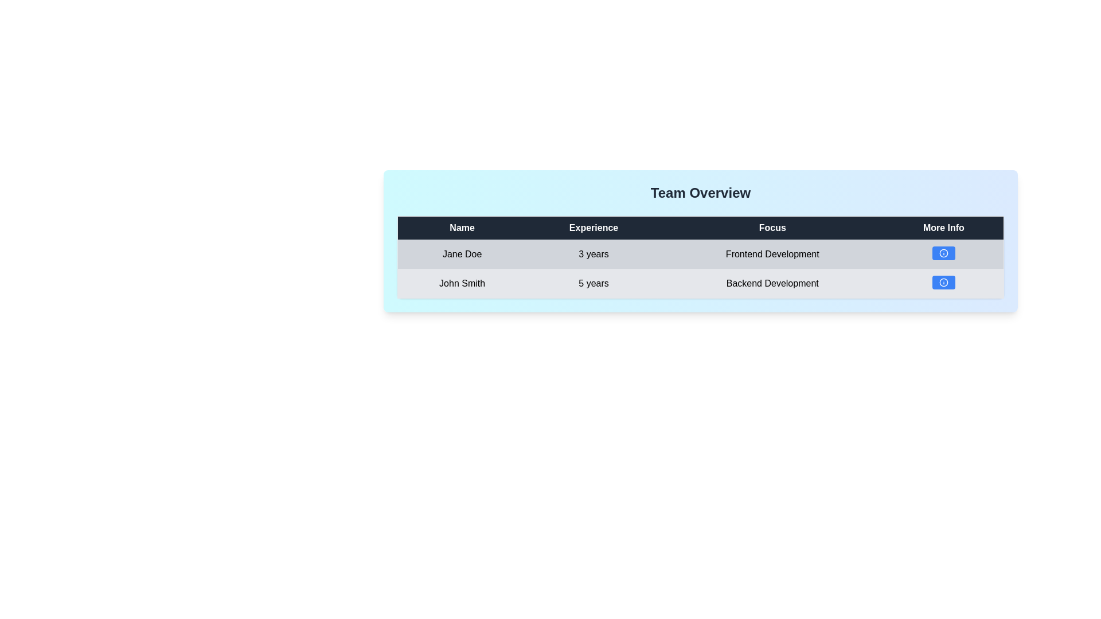 The image size is (1101, 619). What do you see at coordinates (944, 253) in the screenshot?
I see `the blue rounded rectangular button with an information symbol ('i') at its center` at bounding box center [944, 253].